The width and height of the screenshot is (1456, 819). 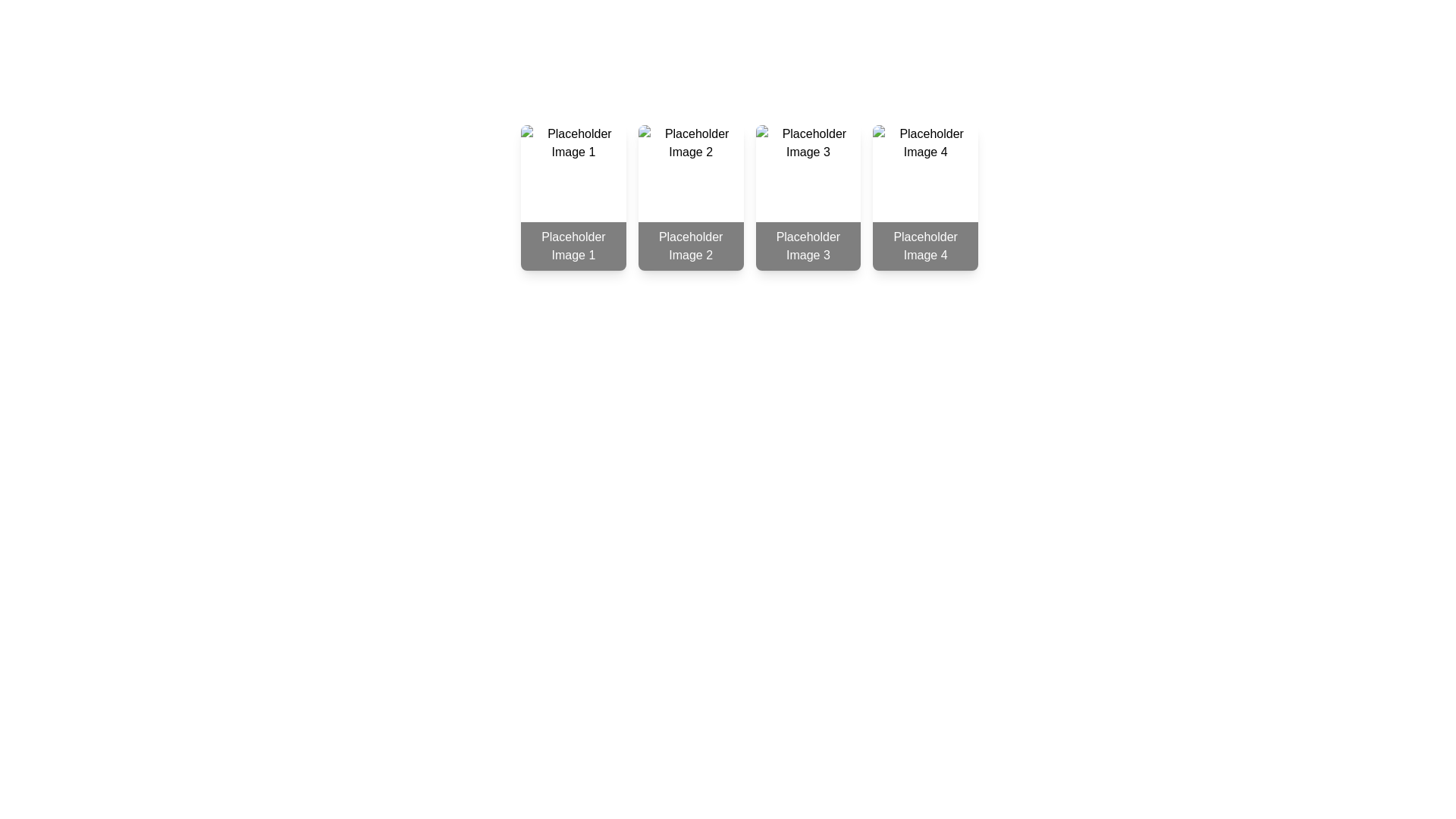 What do you see at coordinates (573, 197) in the screenshot?
I see `the Card component located in the first column of the grid layout` at bounding box center [573, 197].